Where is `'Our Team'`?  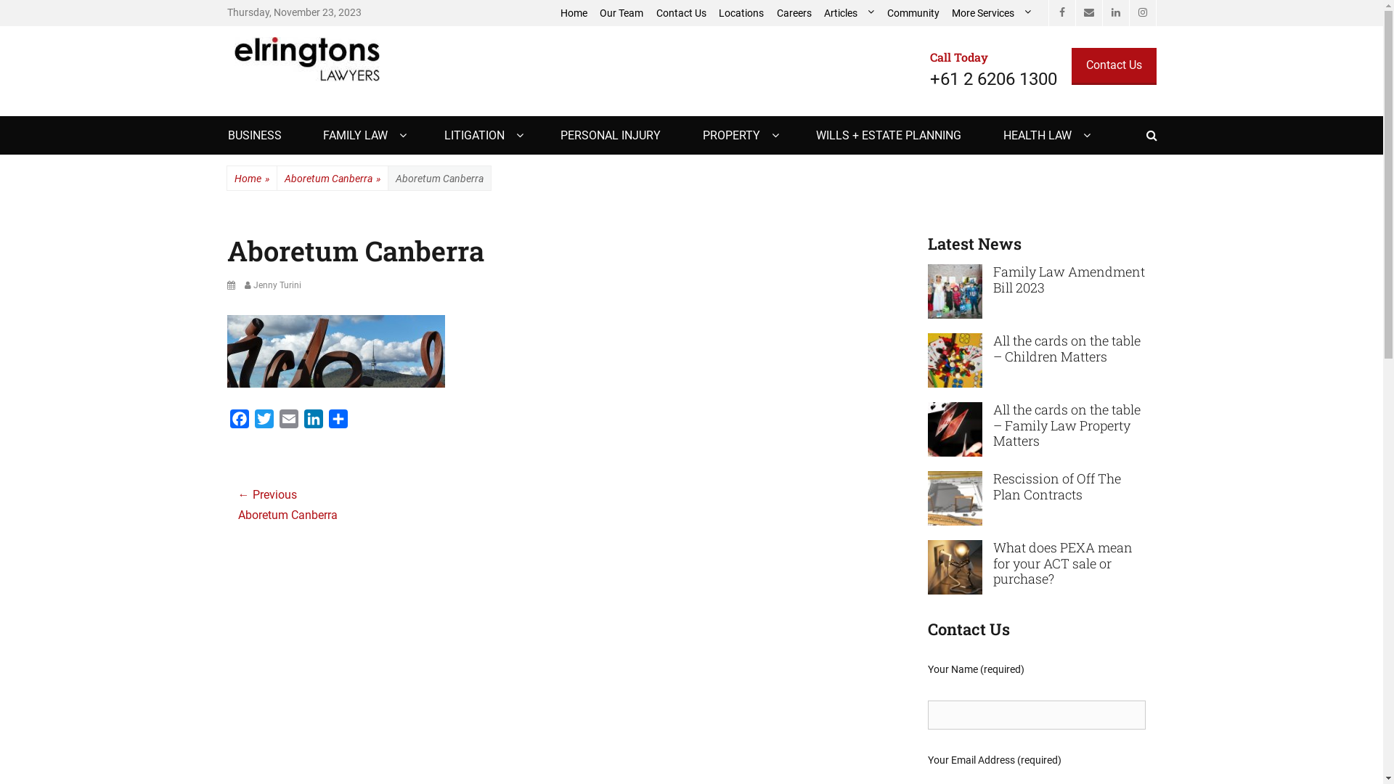 'Our Team' is located at coordinates (593, 13).